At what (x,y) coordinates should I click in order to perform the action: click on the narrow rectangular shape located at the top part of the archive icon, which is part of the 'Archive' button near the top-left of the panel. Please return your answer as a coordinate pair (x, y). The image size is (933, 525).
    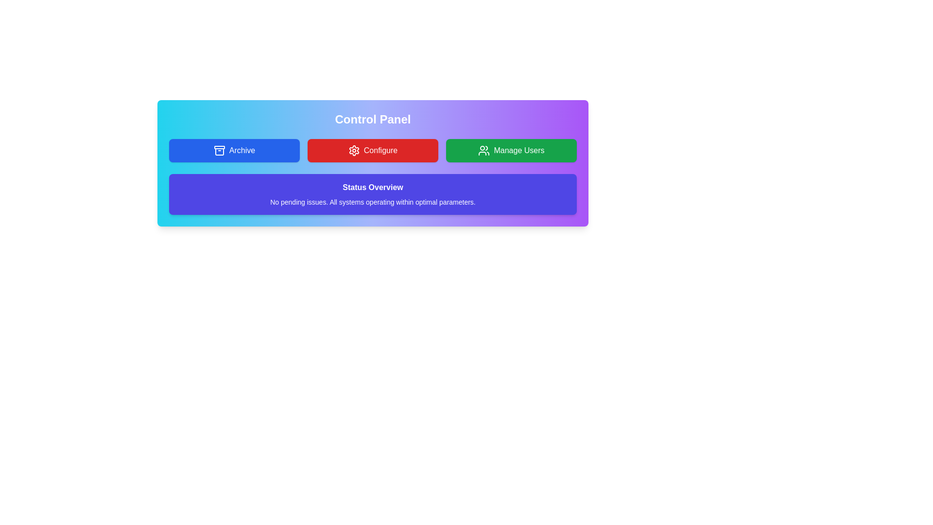
    Looking at the image, I should click on (219, 147).